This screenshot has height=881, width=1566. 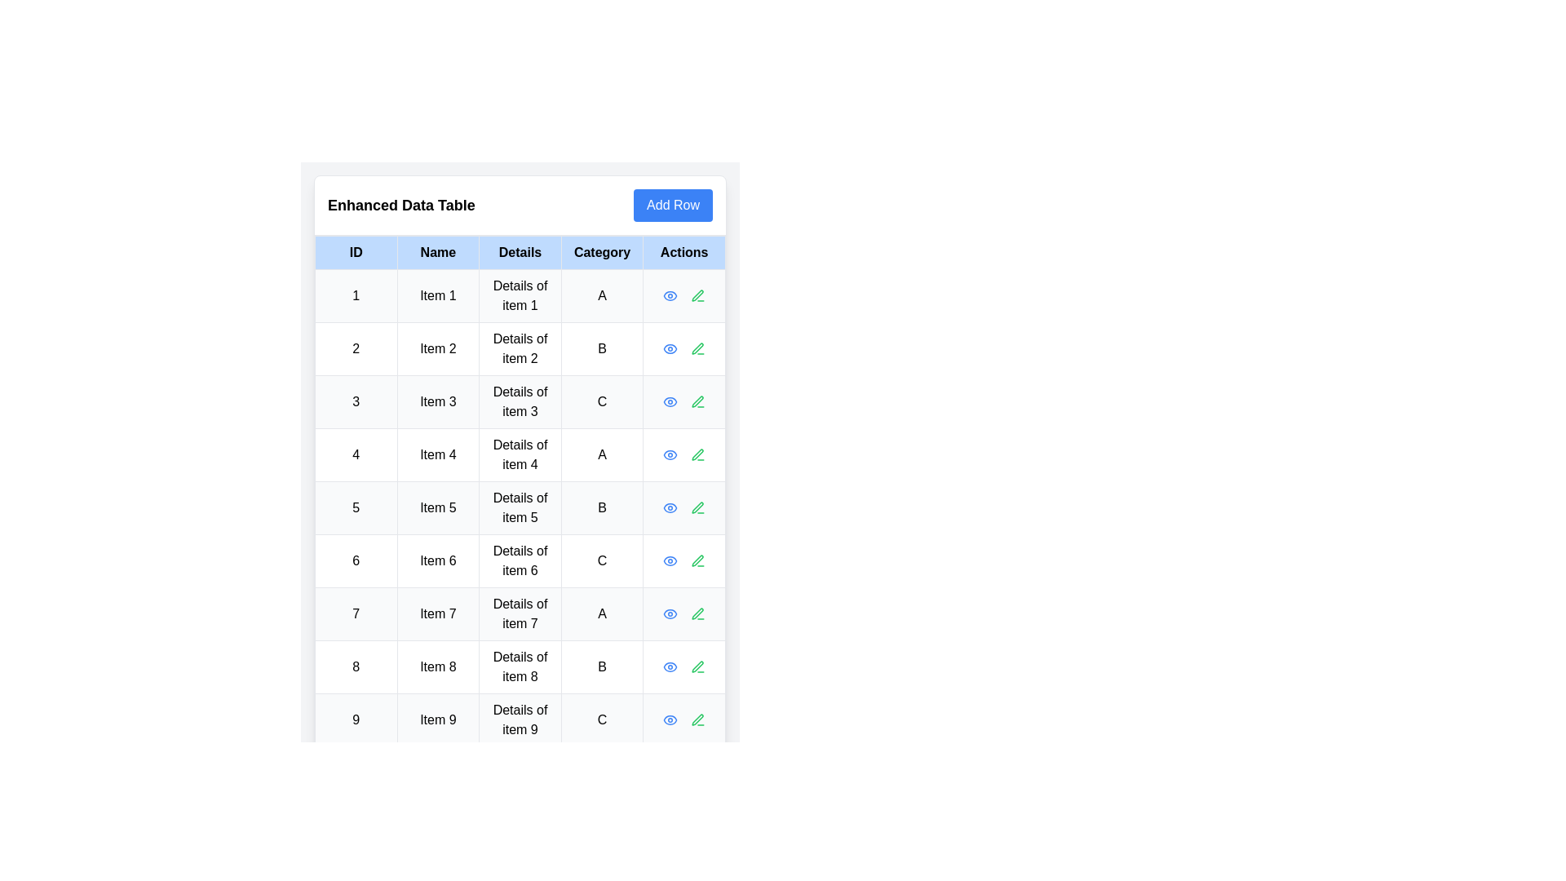 I want to click on the edit icon button in the Actions column of the first row, so click(x=697, y=295).